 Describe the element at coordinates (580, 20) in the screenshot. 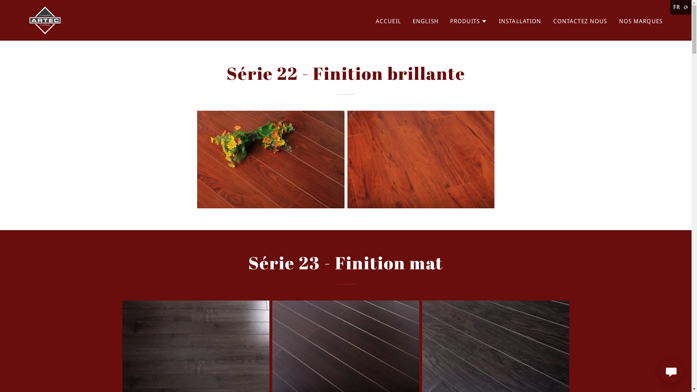

I see `'CONTACTEZ NOUS'` at that location.